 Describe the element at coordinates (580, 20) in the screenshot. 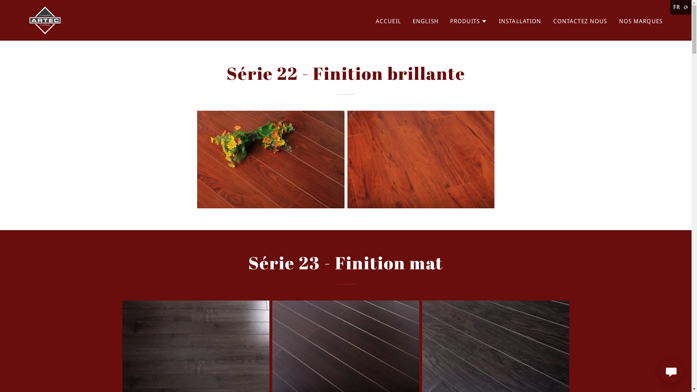

I see `'CONTACTEZ NOUS'` at that location.